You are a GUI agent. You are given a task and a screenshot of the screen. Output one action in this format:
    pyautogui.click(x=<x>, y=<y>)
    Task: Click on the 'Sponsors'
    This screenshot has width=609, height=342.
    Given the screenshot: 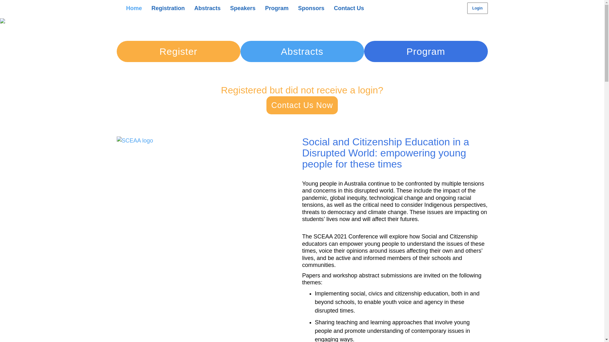 What is the action you would take?
    pyautogui.click(x=311, y=8)
    